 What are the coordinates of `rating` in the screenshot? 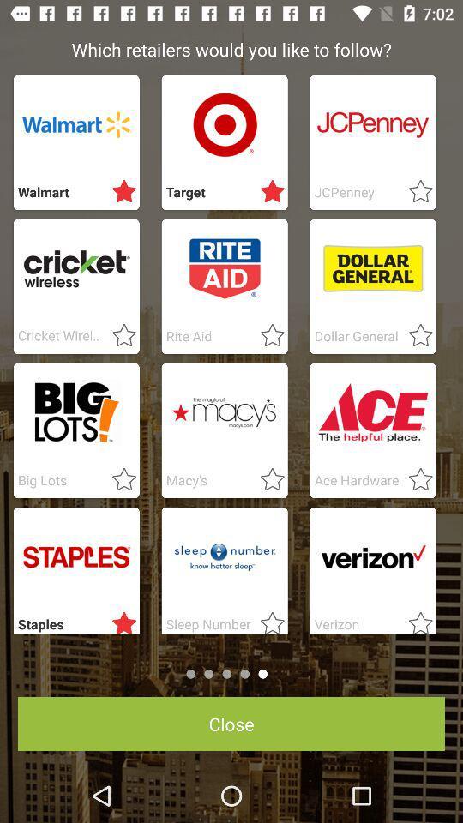 It's located at (268, 335).